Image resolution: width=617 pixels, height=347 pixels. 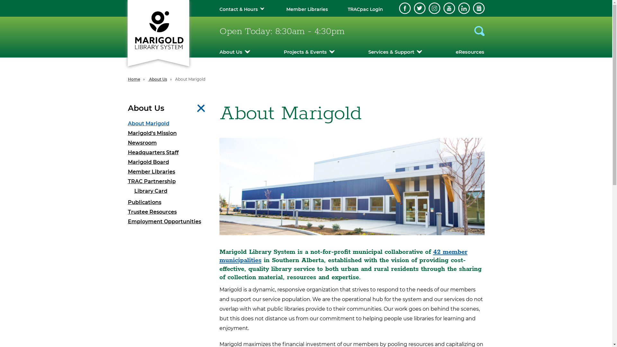 What do you see at coordinates (443, 8) in the screenshot?
I see `'Youtube'` at bounding box center [443, 8].